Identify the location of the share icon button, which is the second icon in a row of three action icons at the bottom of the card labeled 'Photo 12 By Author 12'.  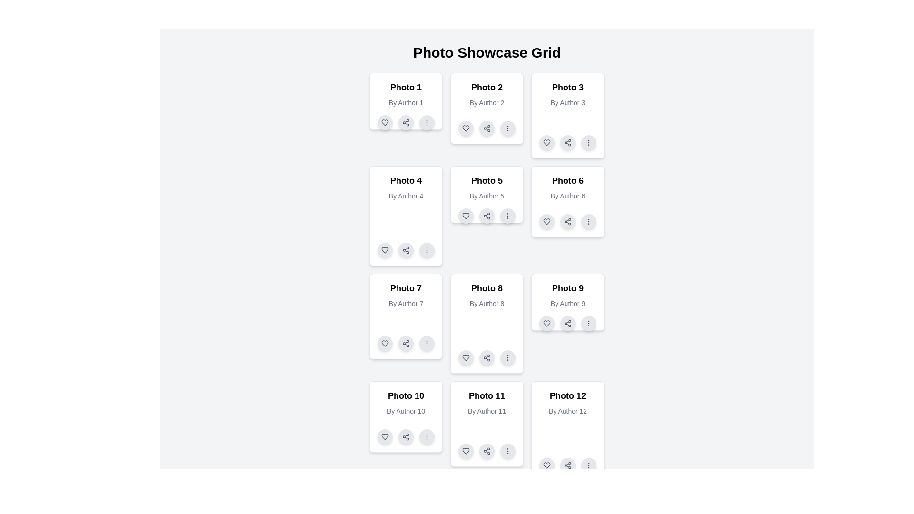
(568, 465).